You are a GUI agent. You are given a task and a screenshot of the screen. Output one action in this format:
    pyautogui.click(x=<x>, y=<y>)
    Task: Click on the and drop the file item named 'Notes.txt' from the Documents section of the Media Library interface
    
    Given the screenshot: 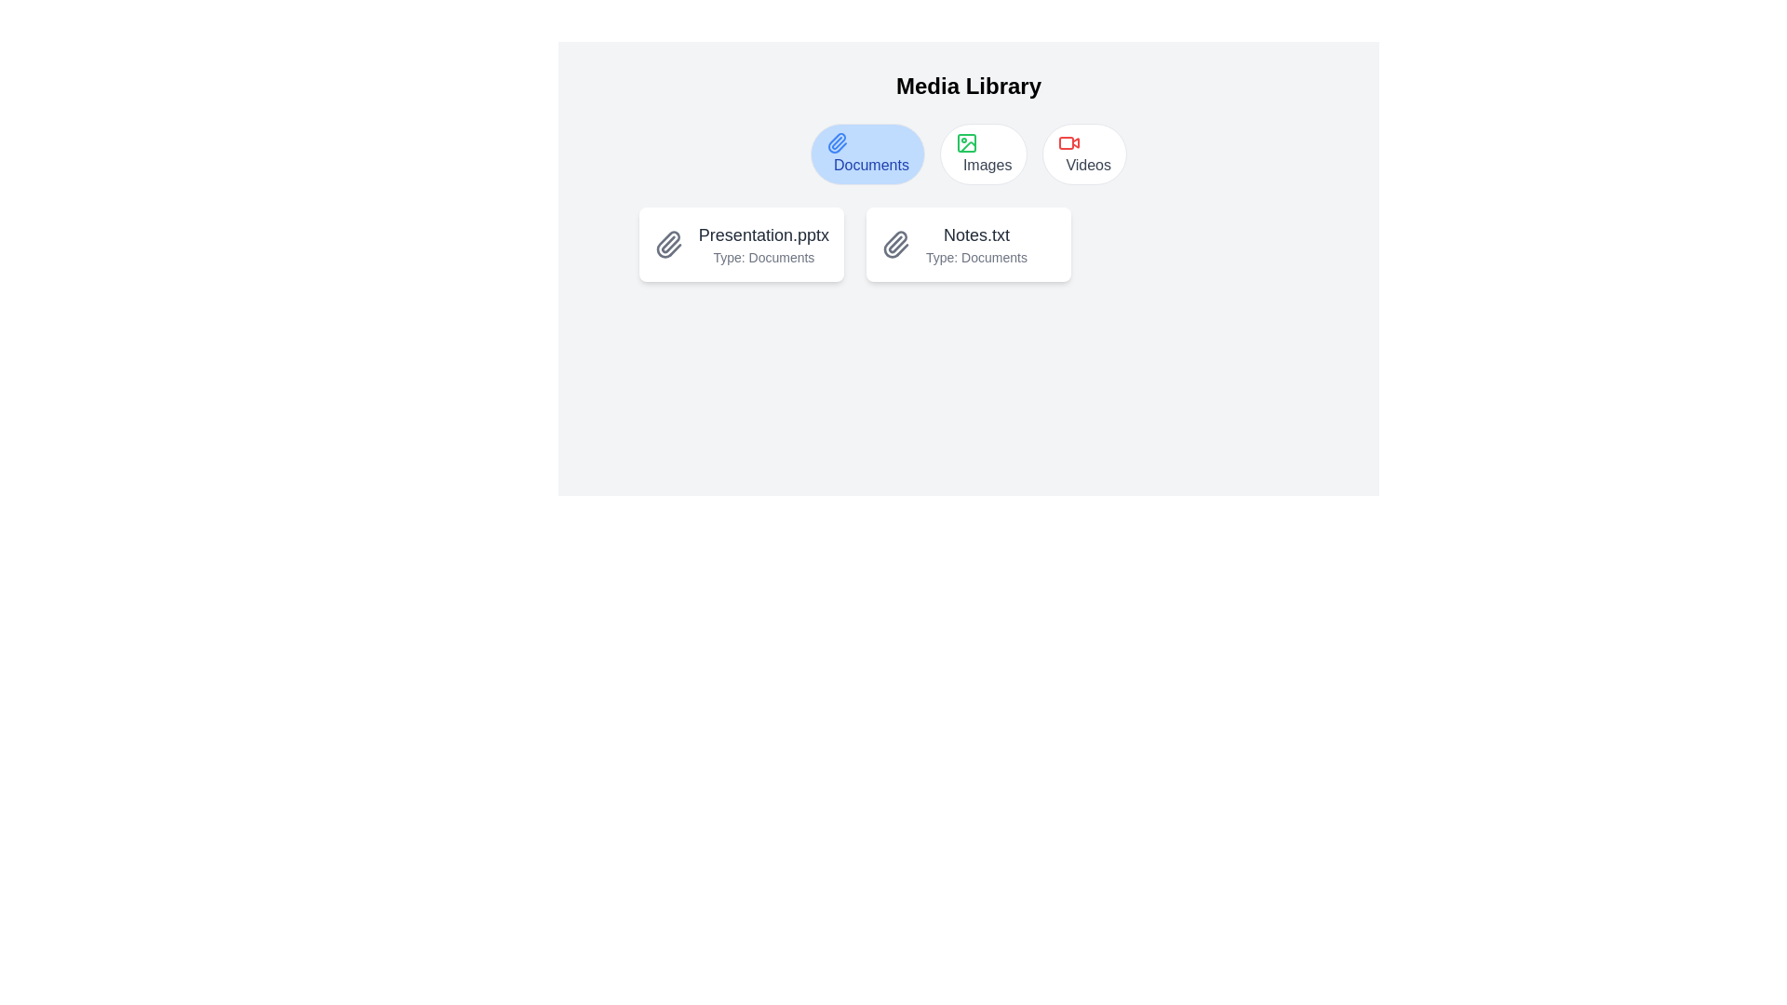 What is the action you would take?
    pyautogui.click(x=975, y=243)
    